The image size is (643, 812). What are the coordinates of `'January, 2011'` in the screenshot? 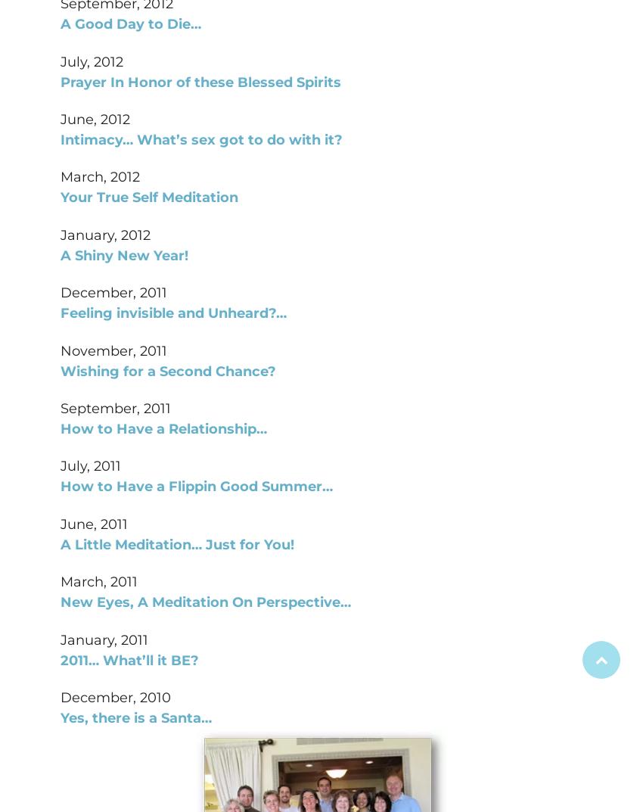 It's located at (104, 638).